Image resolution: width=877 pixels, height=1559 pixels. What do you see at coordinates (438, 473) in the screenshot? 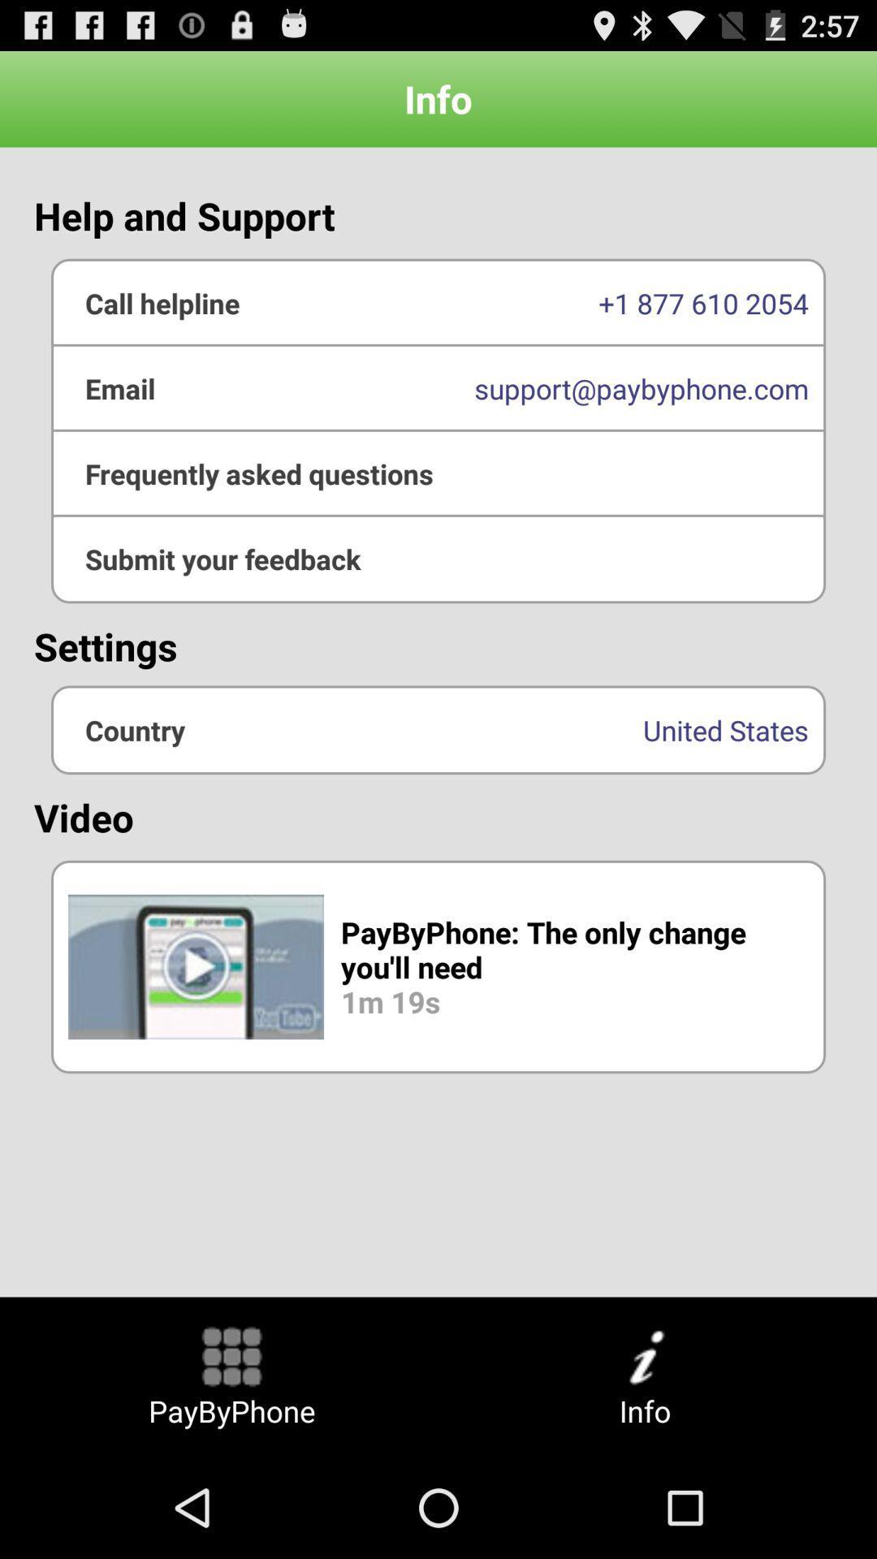
I see `open faq` at bounding box center [438, 473].